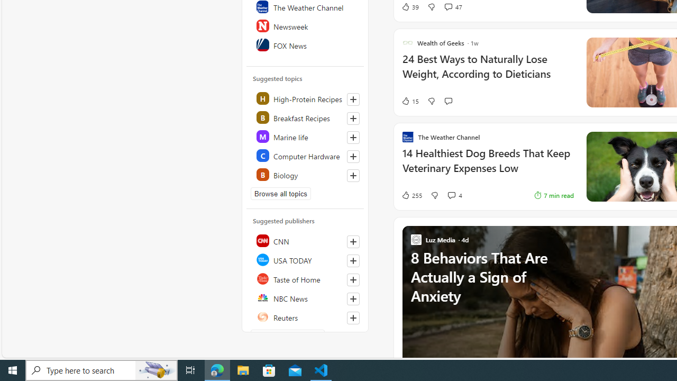 The image size is (677, 381). Describe the element at coordinates (353, 175) in the screenshot. I see `'Follow this topic'` at that location.